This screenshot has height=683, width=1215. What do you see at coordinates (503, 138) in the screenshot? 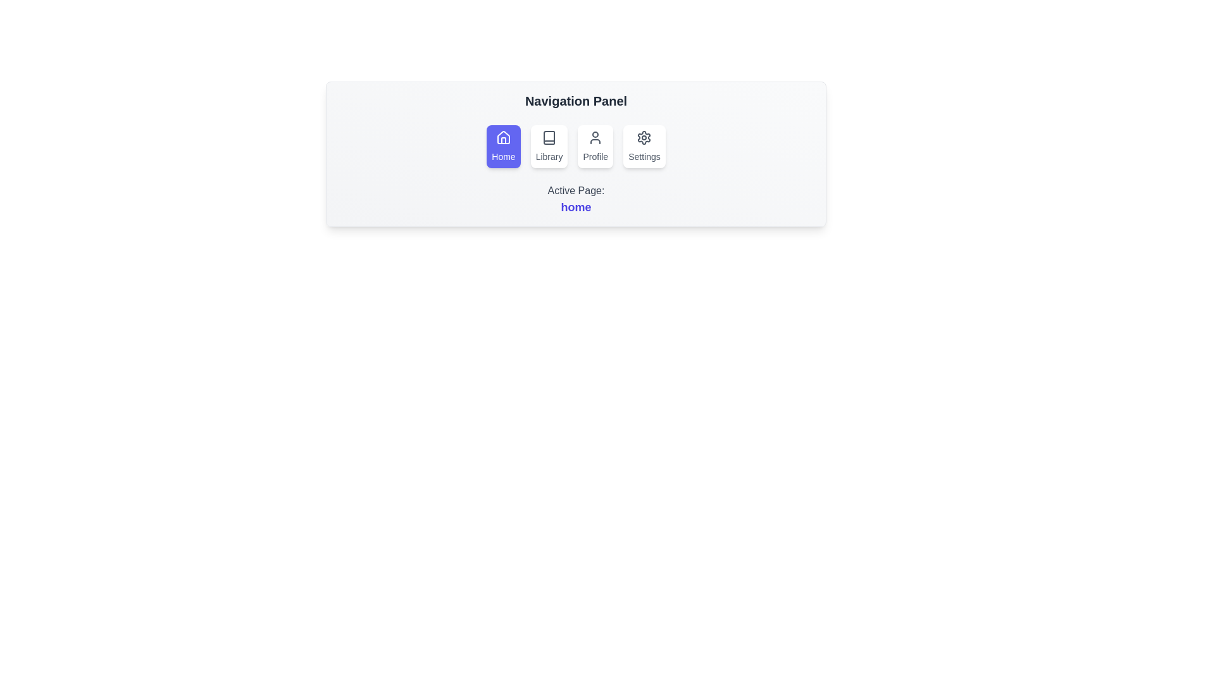
I see `the house icon located above the 'Home' text in the navigation panel` at bounding box center [503, 138].